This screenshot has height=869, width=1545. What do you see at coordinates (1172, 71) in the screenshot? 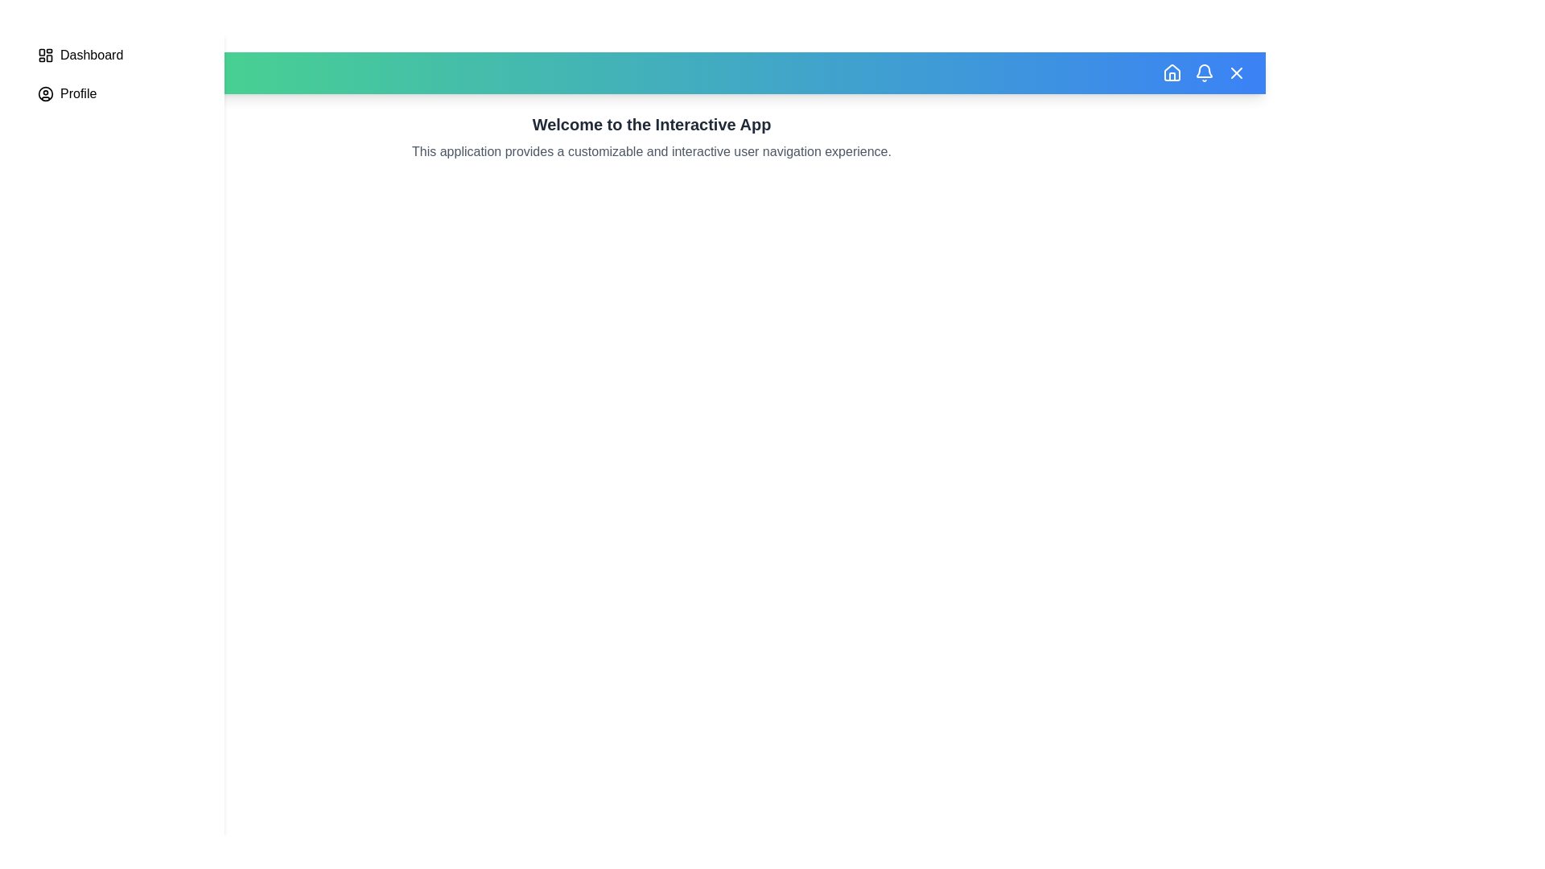
I see `the house icon button located in the top-right corner of the interface` at bounding box center [1172, 71].